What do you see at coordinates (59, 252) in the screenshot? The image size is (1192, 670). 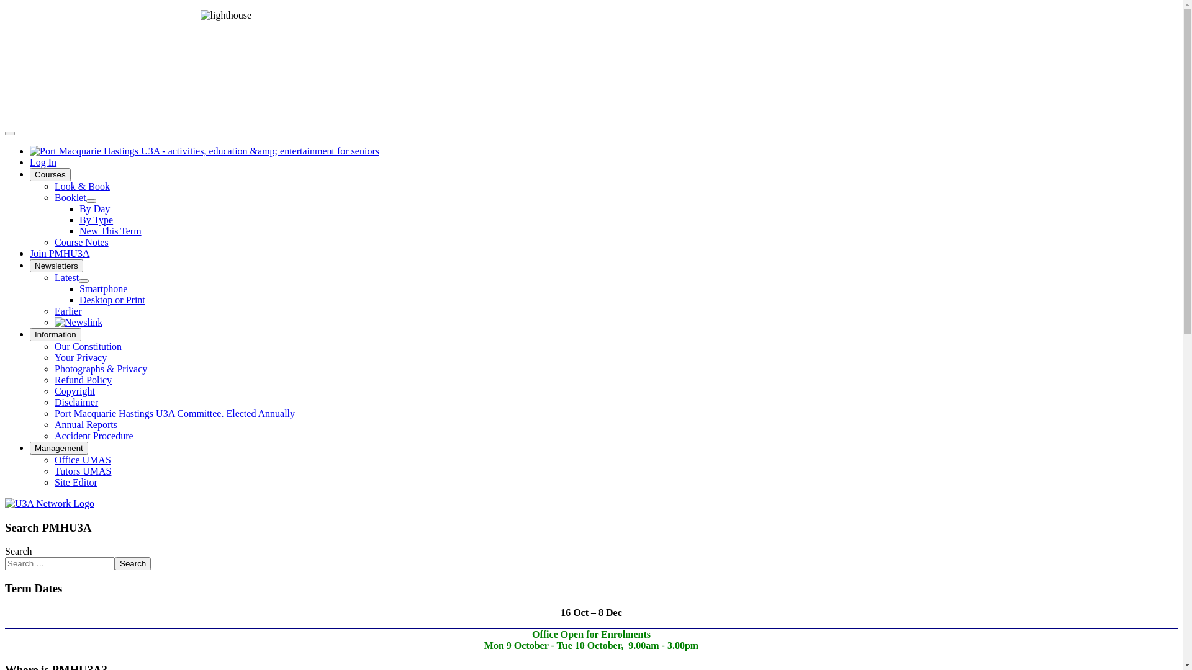 I see `'Join PMHU3A'` at bounding box center [59, 252].